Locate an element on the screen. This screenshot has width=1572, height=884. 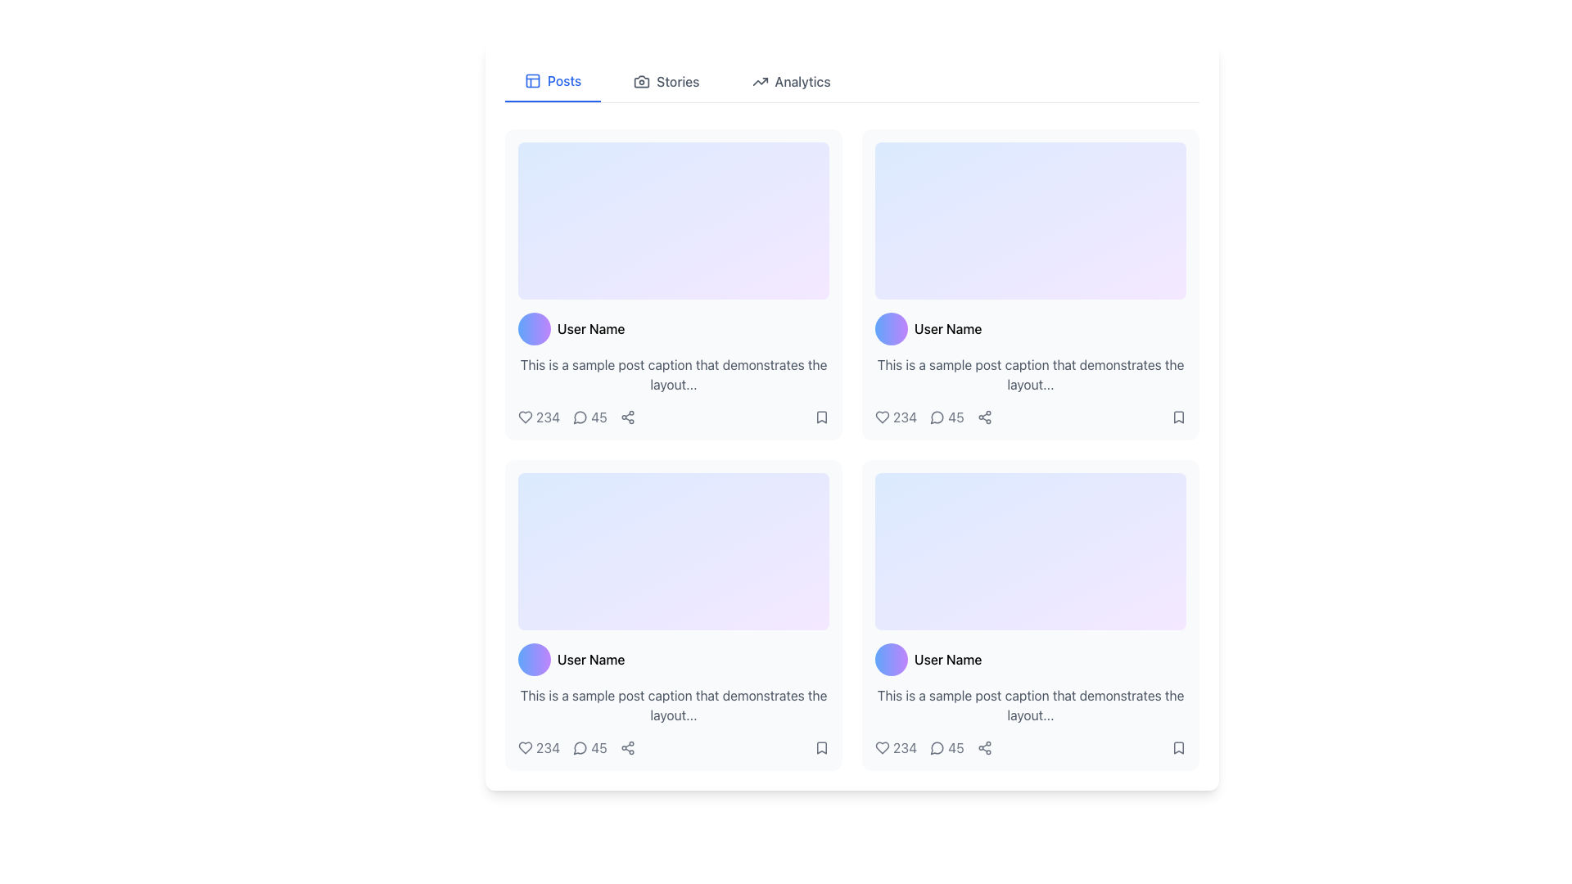
the Text Label displaying the total 'likes' or 'favorites' associated with a post in the bottom-right card of the interactive cluster is located at coordinates (895, 748).